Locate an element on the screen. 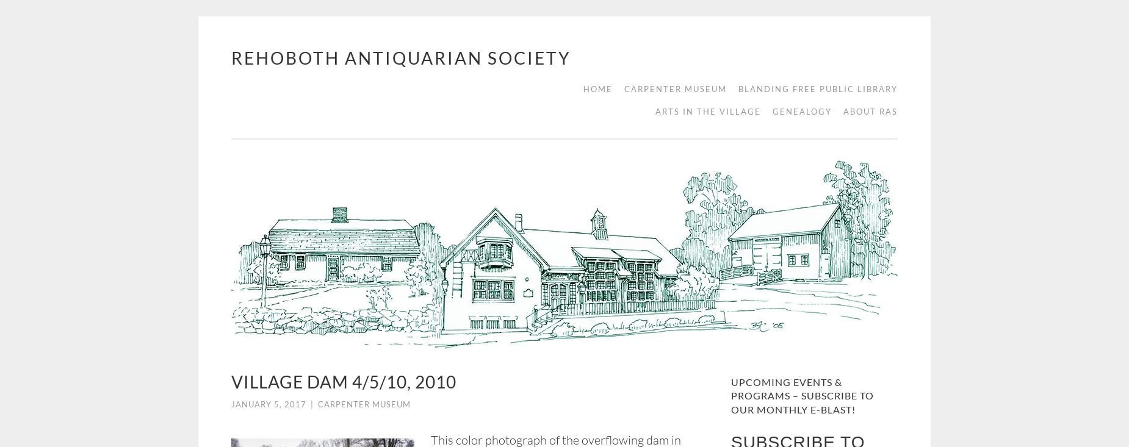  'Home' is located at coordinates (583, 89).